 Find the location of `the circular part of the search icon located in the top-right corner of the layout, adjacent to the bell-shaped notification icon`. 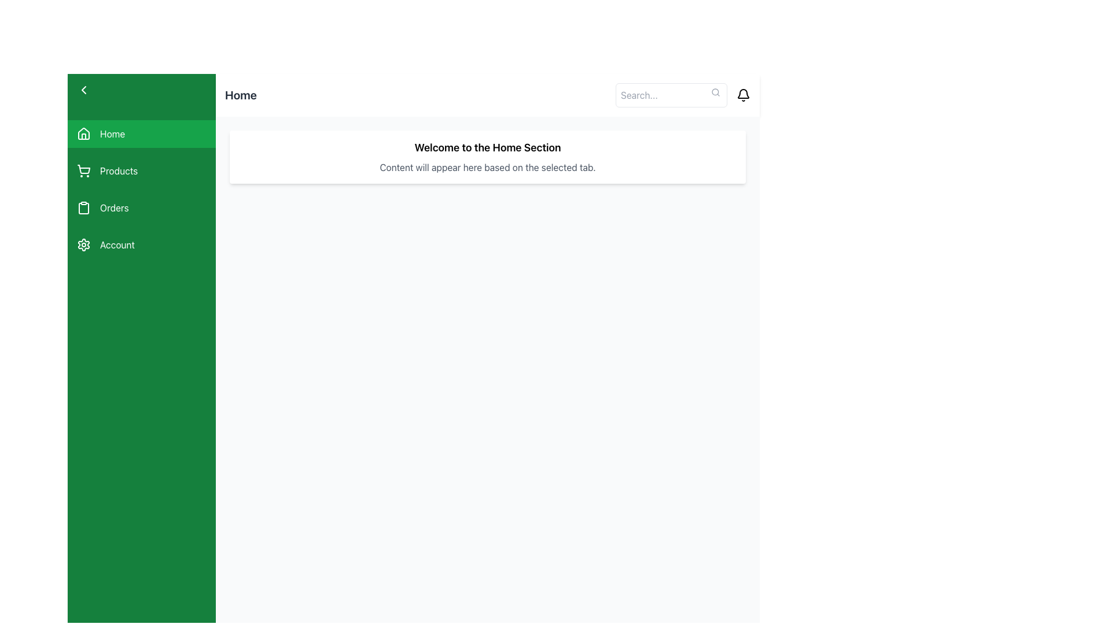

the circular part of the search icon located in the top-right corner of the layout, adjacent to the bell-shaped notification icon is located at coordinates (715, 91).